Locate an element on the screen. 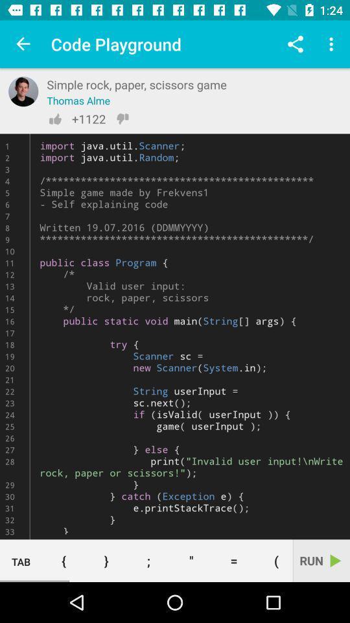 This screenshot has height=623, width=350. the button to the right of the " icon is located at coordinates (233, 560).